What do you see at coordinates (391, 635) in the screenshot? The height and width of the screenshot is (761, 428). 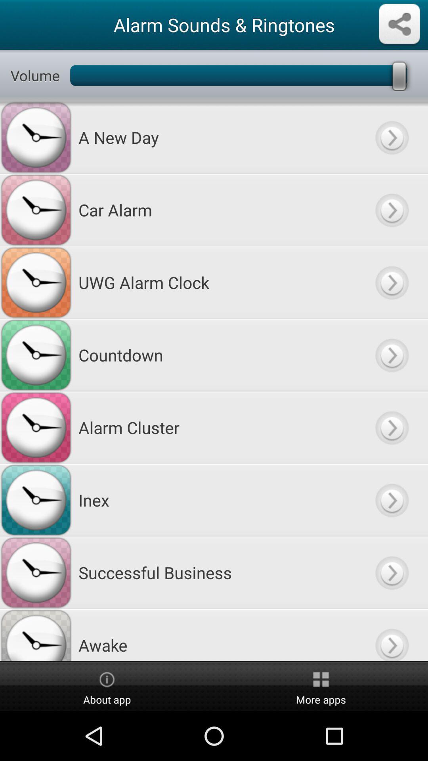 I see `going next to the next page` at bounding box center [391, 635].